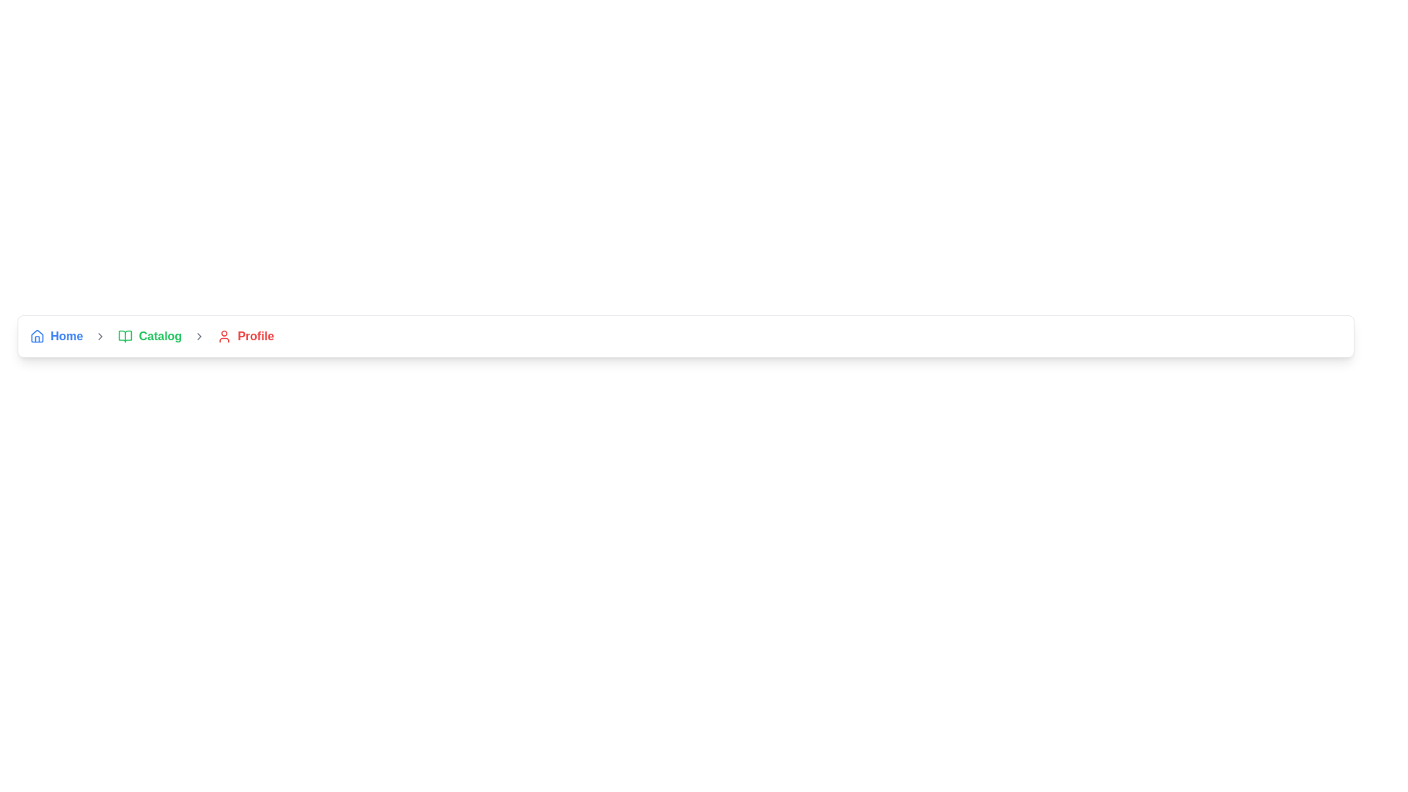 The image size is (1408, 792). I want to click on the 'Catalog' hyperlink, which is a clickable text styled in green and bold, located next to an open book icon in the navigation bar, so click(160, 337).